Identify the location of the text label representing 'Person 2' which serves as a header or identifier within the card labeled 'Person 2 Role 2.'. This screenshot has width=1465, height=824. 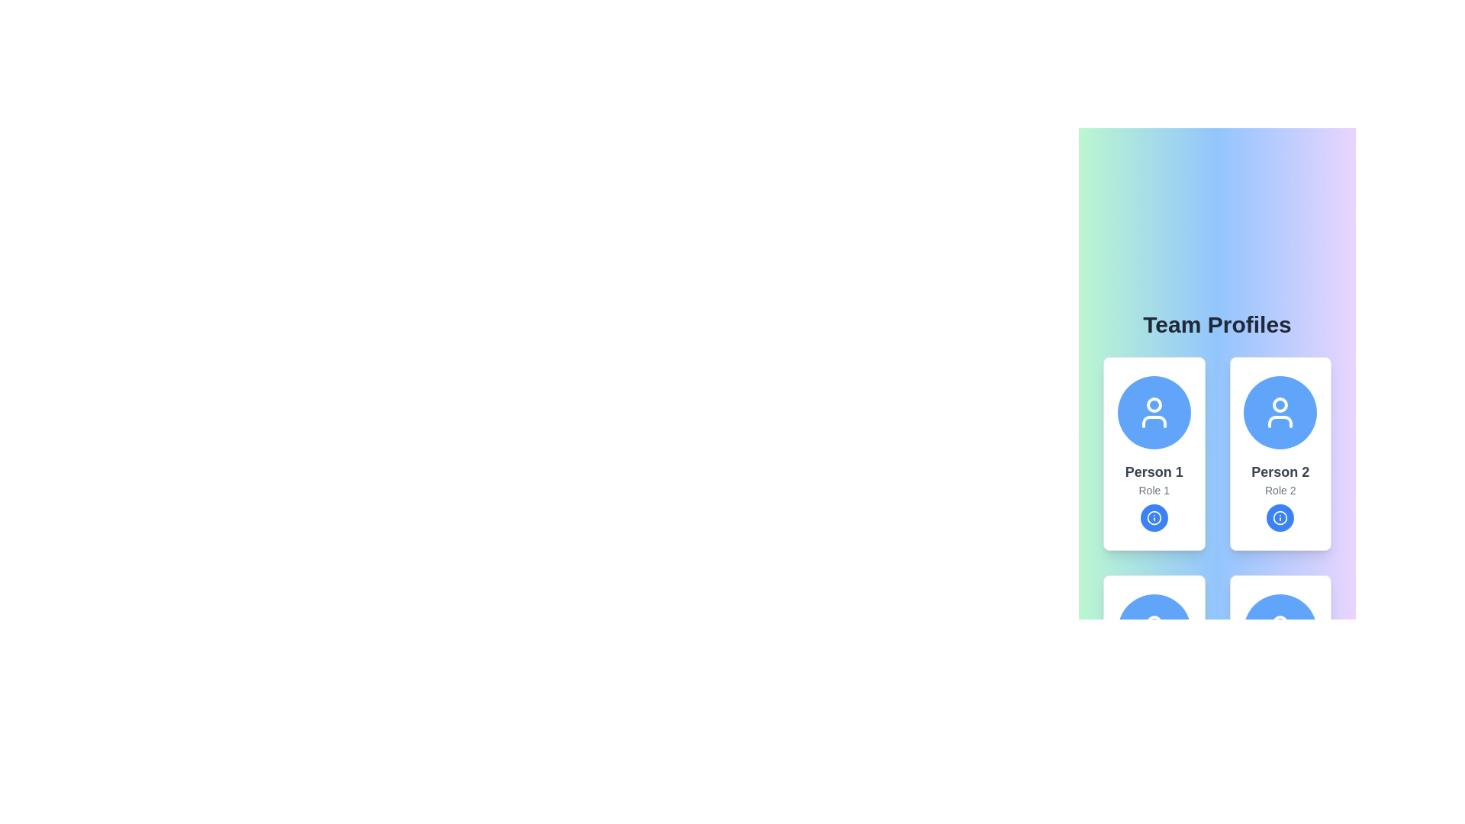
(1280, 471).